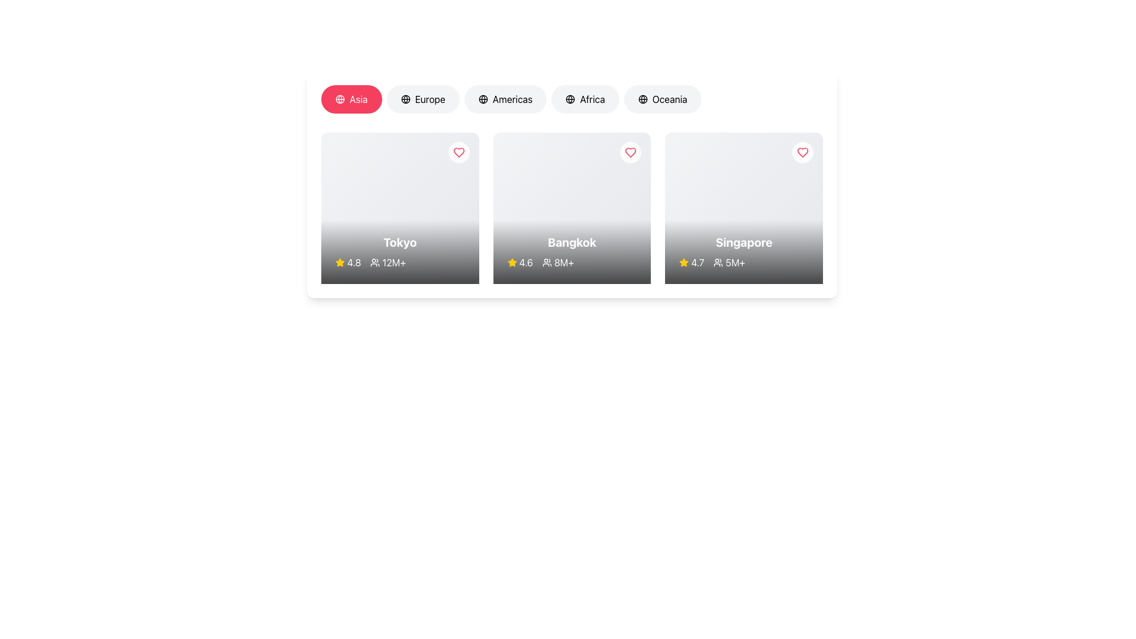 This screenshot has height=639, width=1136. What do you see at coordinates (743, 262) in the screenshot?
I see `the statistical display showing '5M+' users, located at the bottom-right of the 'Singapore' card, next to the rating number and star icon` at bounding box center [743, 262].